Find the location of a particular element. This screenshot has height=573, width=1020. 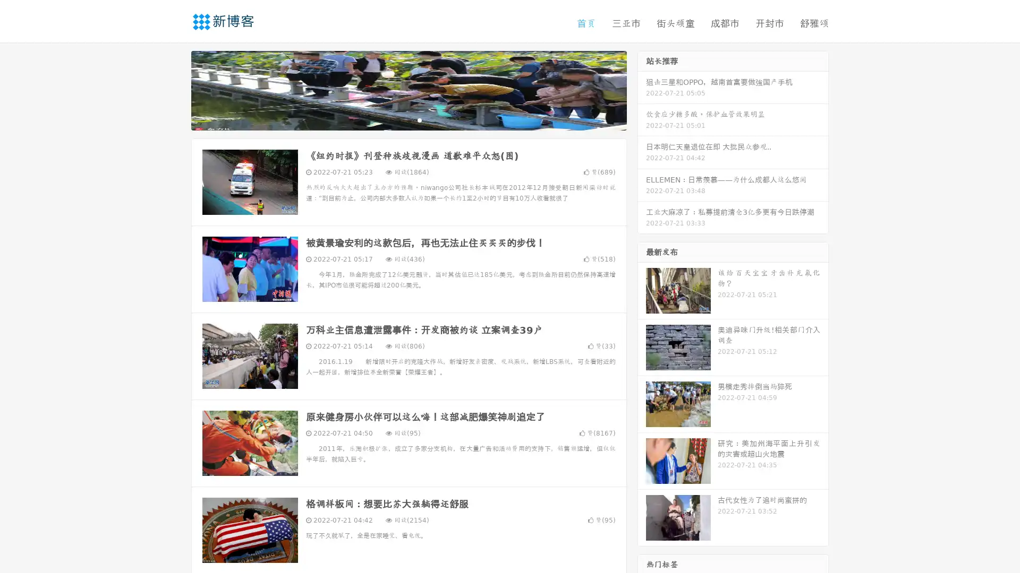

Go to slide 1 is located at coordinates (397, 119).